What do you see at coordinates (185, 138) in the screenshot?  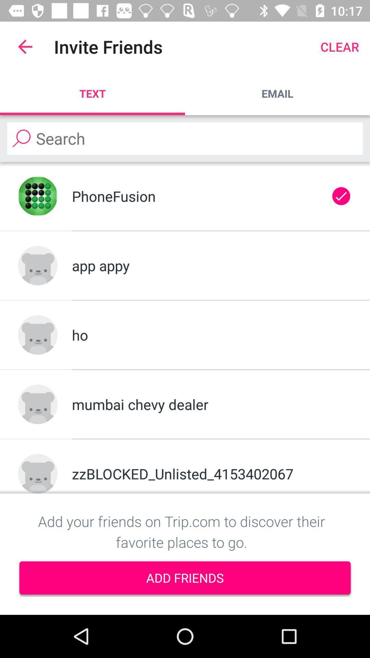 I see `search bar` at bounding box center [185, 138].